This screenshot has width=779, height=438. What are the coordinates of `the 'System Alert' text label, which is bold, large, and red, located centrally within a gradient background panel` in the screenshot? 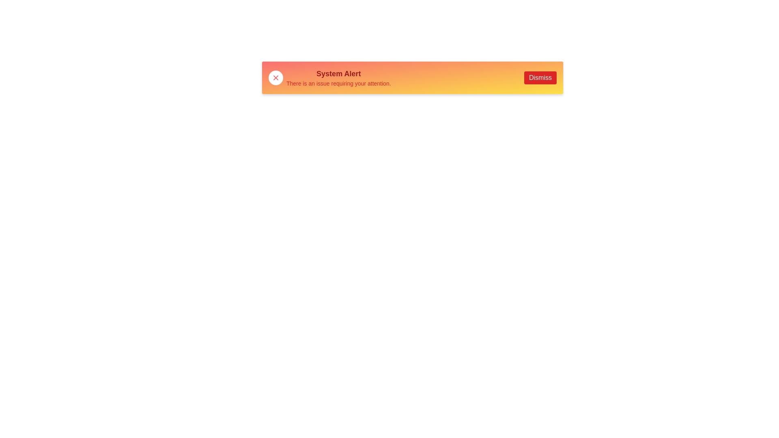 It's located at (338, 73).